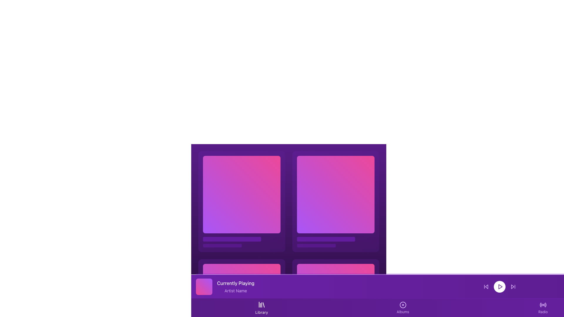  What do you see at coordinates (545, 304) in the screenshot?
I see `attributes of the fifth segment of the circular radio wave pattern within the SVG icon located in the right section of the interface navigation bar` at bounding box center [545, 304].